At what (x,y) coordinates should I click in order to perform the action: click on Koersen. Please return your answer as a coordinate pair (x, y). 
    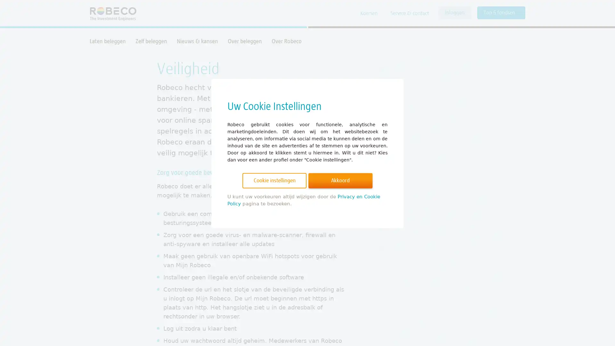
    Looking at the image, I should click on (369, 13).